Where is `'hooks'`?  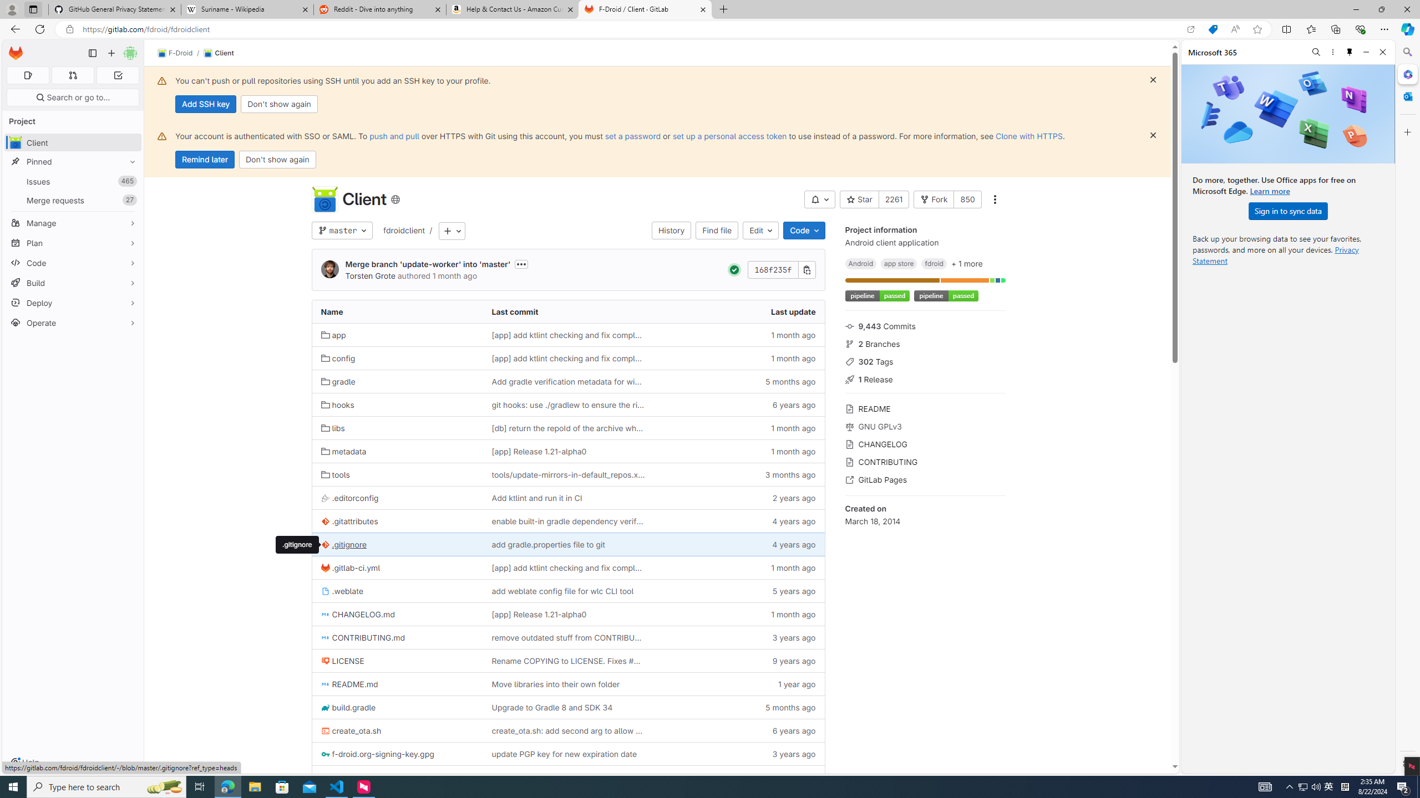
'hooks' is located at coordinates (397, 404).